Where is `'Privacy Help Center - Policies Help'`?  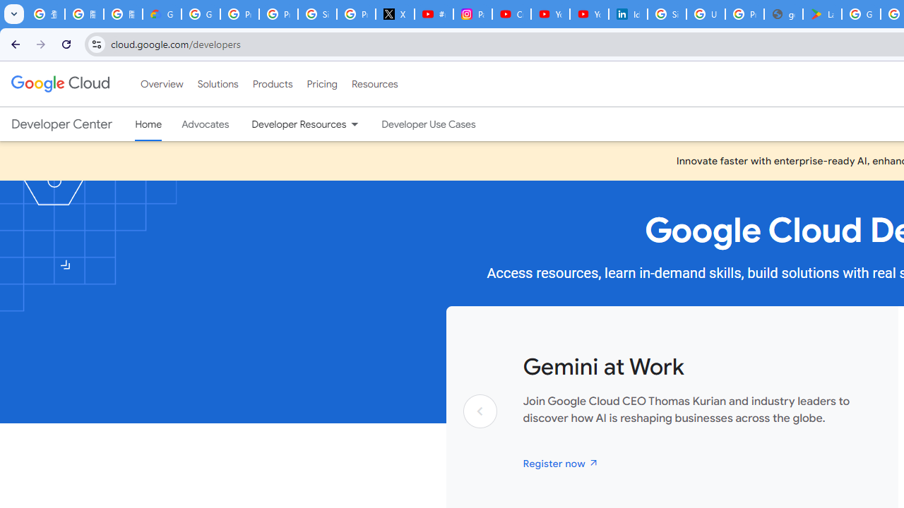 'Privacy Help Center - Policies Help' is located at coordinates (278, 14).